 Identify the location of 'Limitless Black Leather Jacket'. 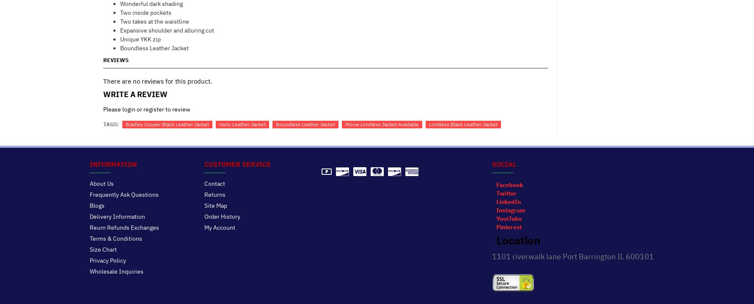
(462, 124).